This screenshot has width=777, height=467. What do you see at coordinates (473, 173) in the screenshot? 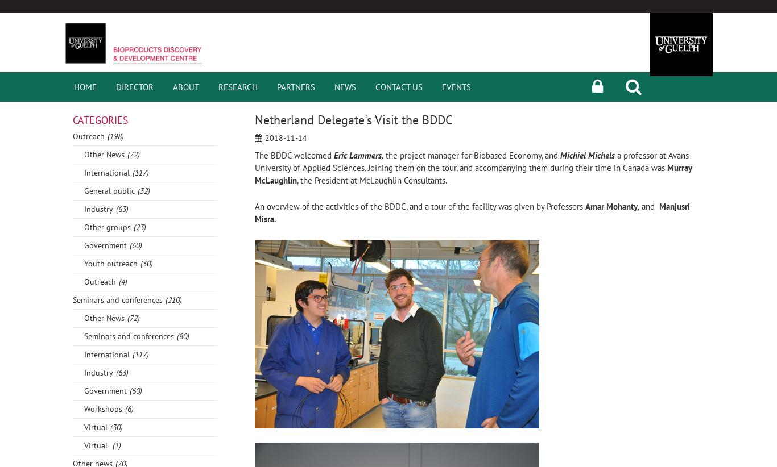
I see `'Murray McLaughlin'` at bounding box center [473, 173].